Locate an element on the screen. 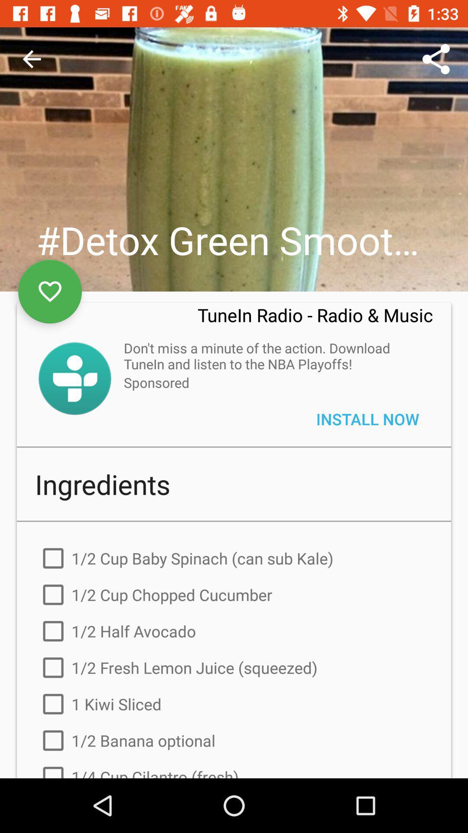 This screenshot has width=468, height=833. the icon above the tunein radio radio is located at coordinates (436, 59).